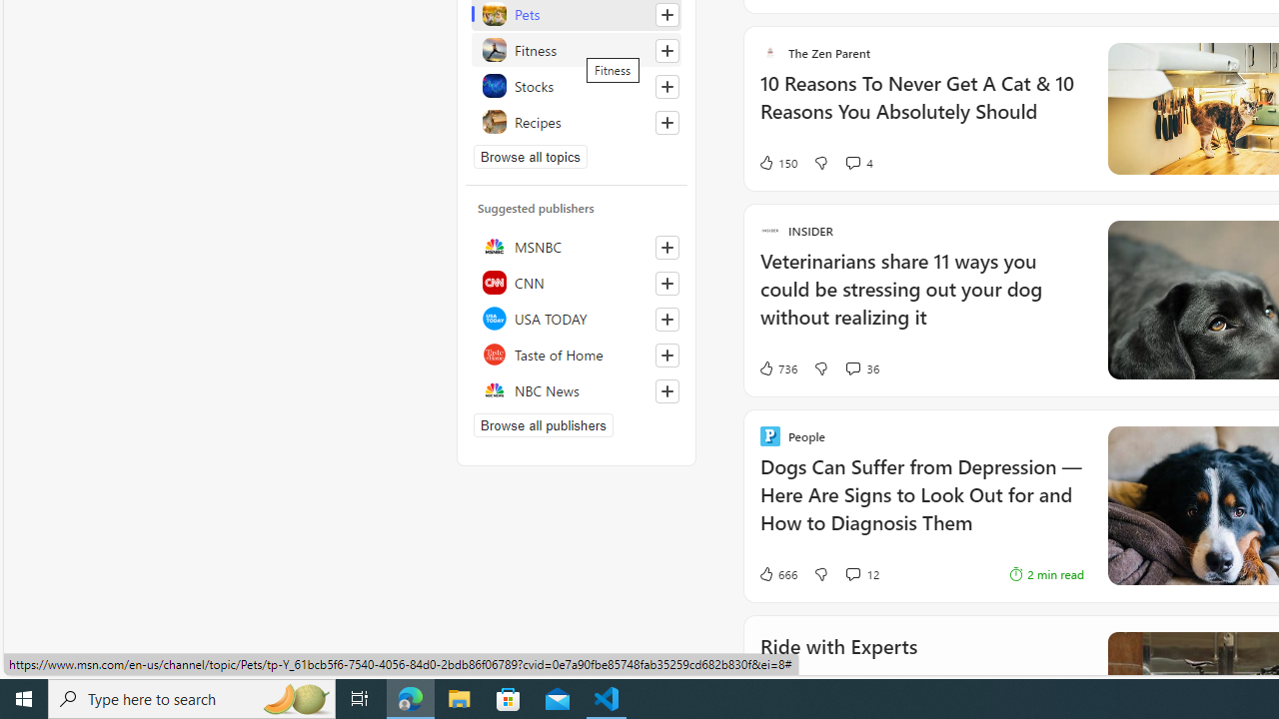  Describe the element at coordinates (576, 317) in the screenshot. I see `'USA TODAY'` at that location.